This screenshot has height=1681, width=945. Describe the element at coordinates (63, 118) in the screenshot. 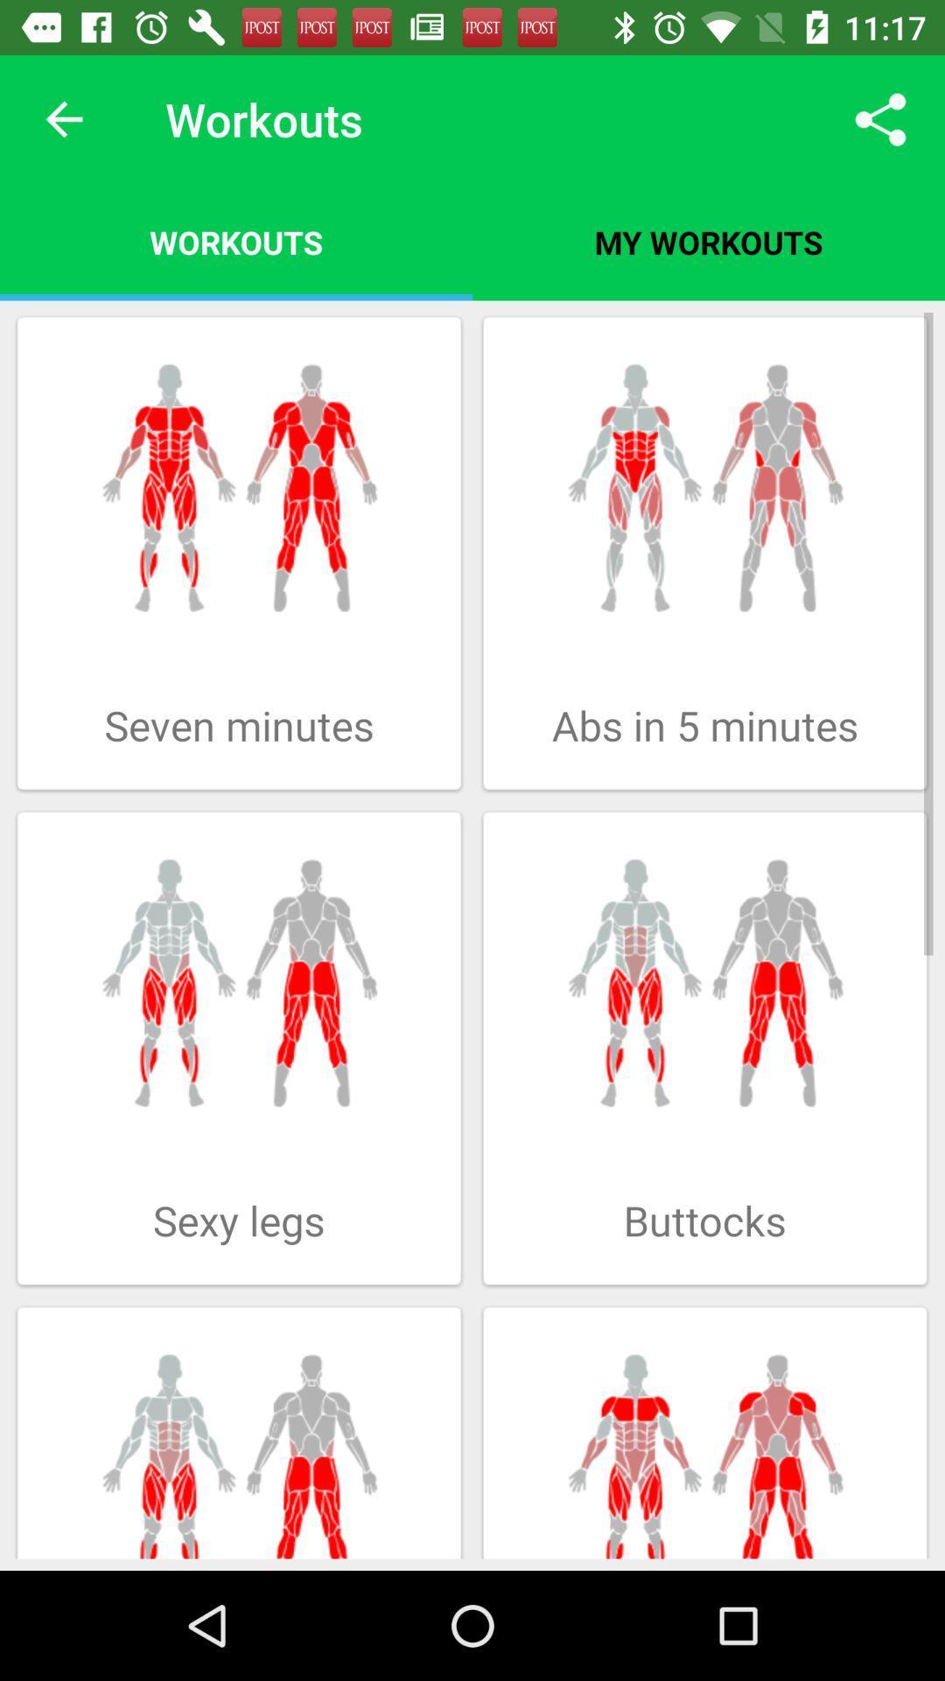

I see `app next to the workouts` at that location.